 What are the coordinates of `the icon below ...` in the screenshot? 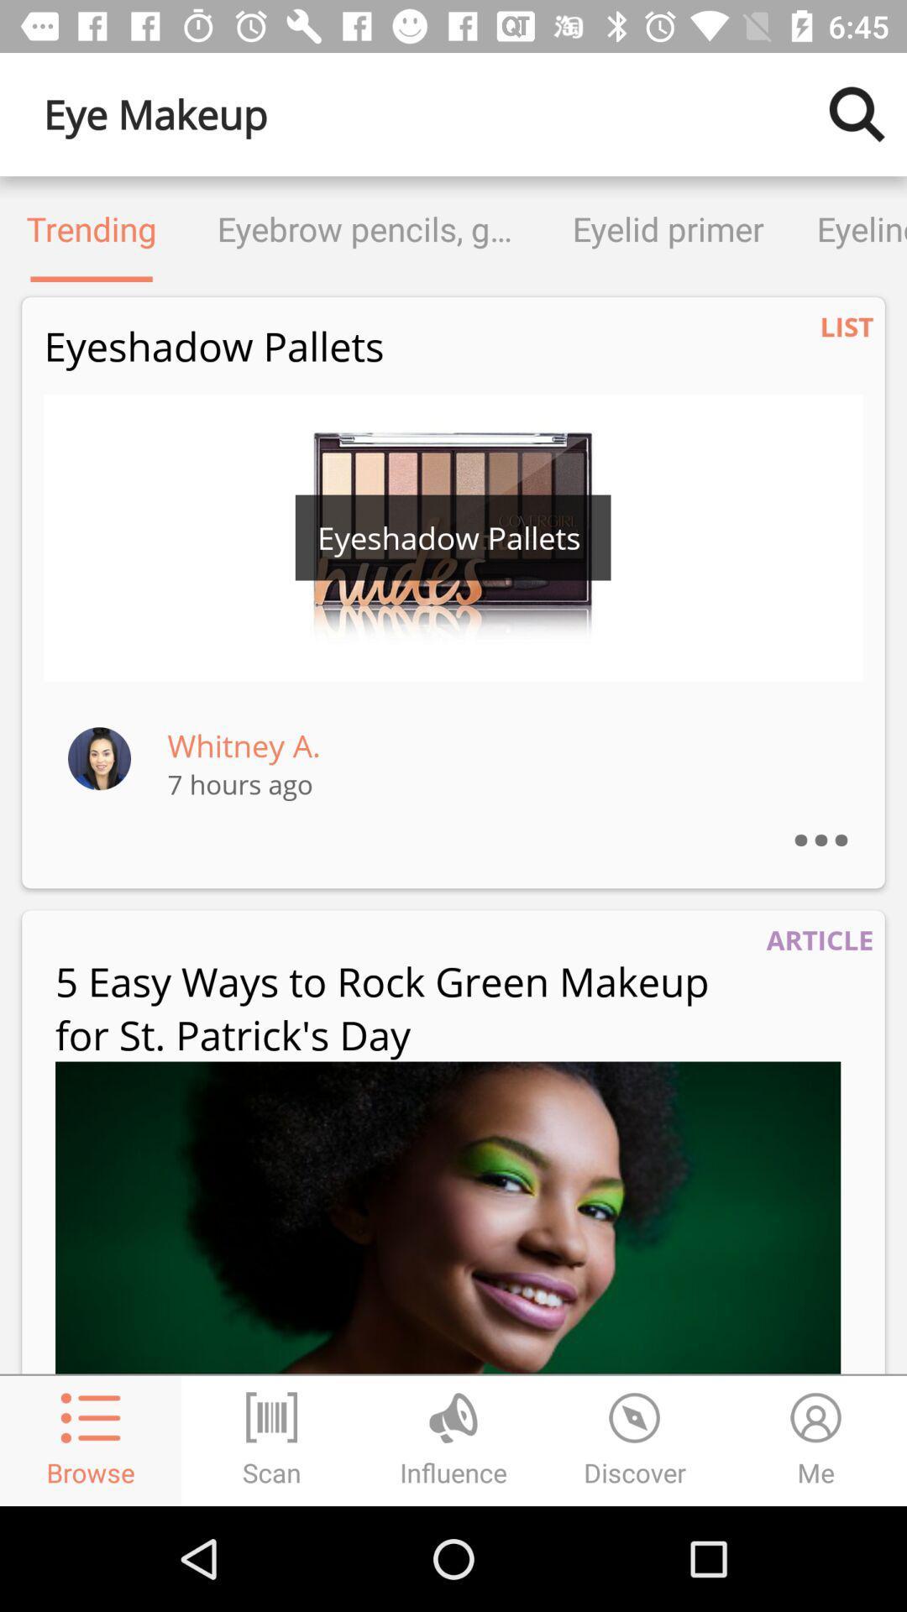 It's located at (819, 939).